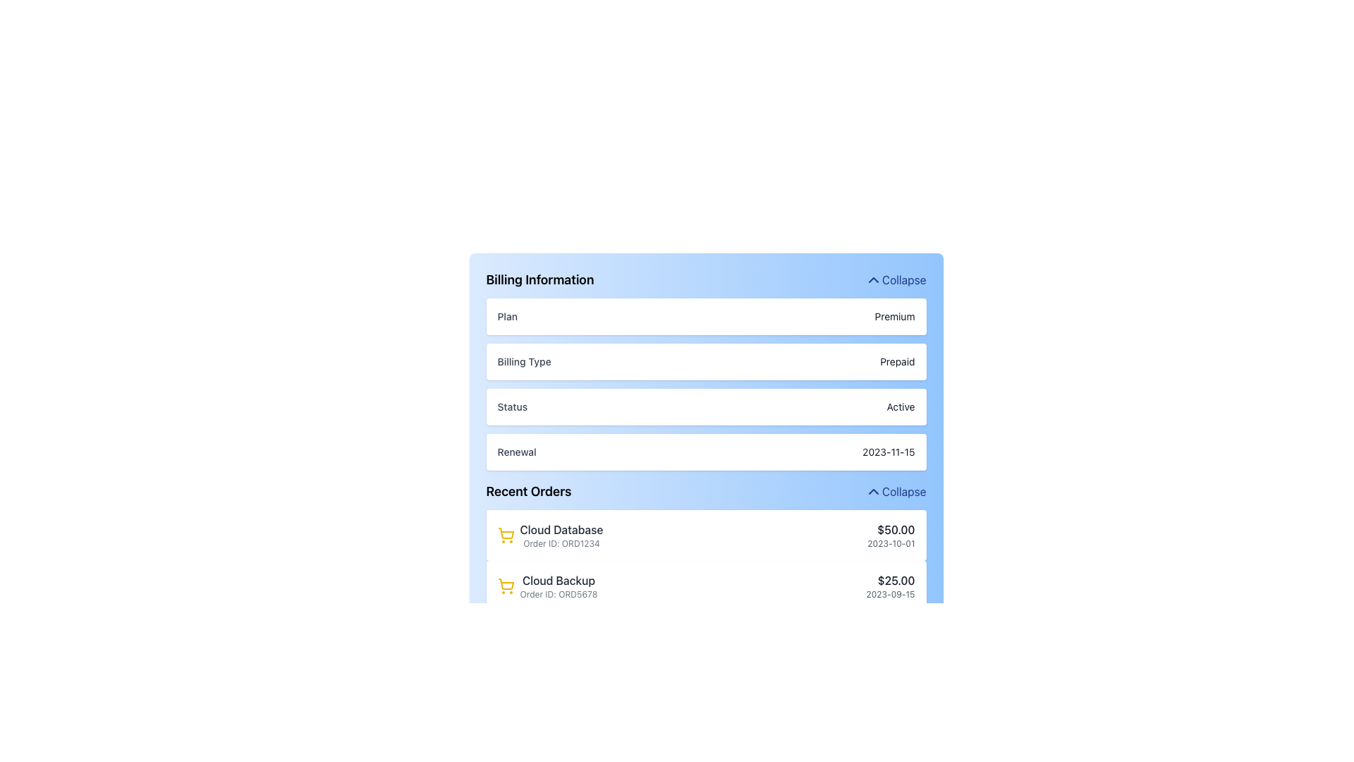  Describe the element at coordinates (900, 407) in the screenshot. I see `the static text label indicating the billing status as 'Active', which is located at the right end of the 'Status' block under 'Billing Information'` at that location.